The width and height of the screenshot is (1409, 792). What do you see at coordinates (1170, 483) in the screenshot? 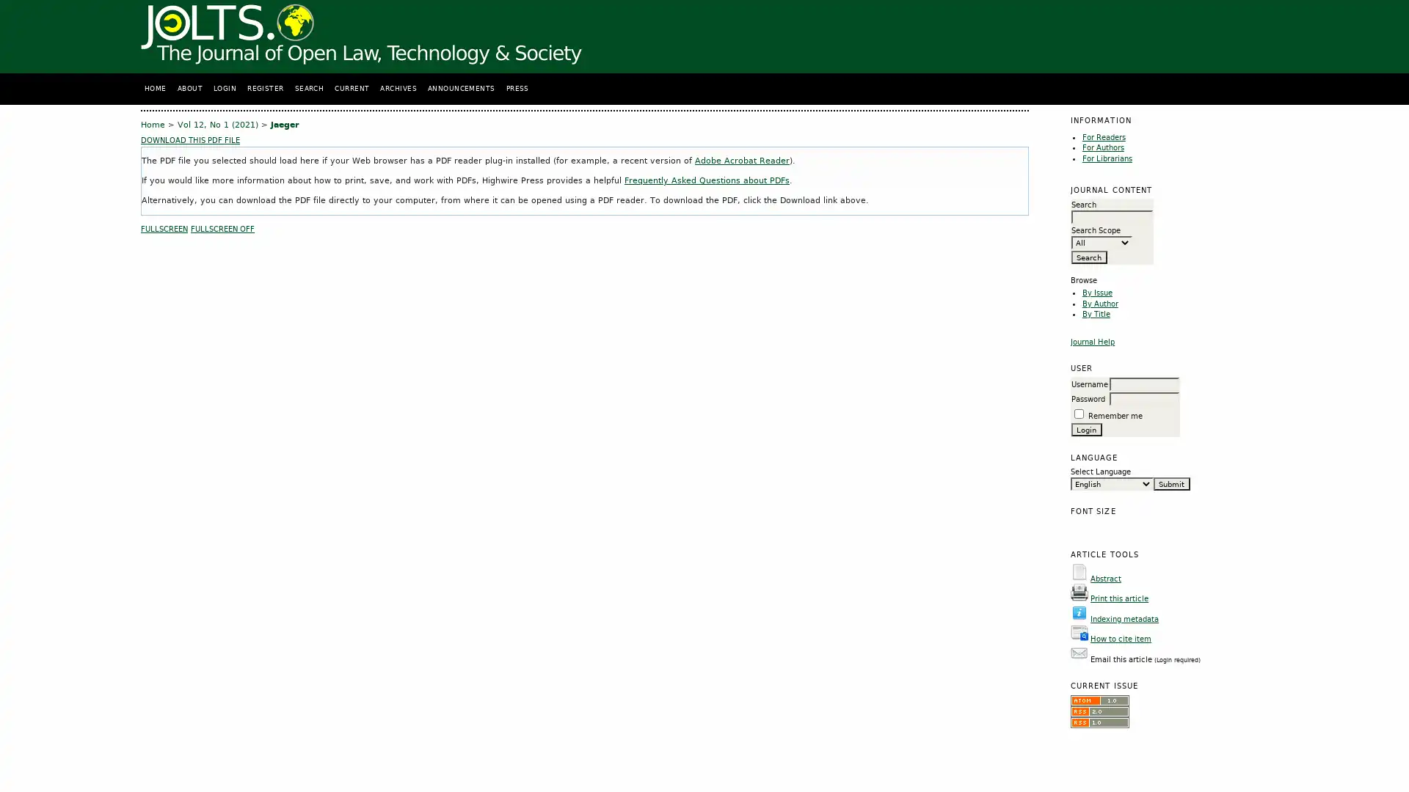
I see `Submit` at bounding box center [1170, 483].